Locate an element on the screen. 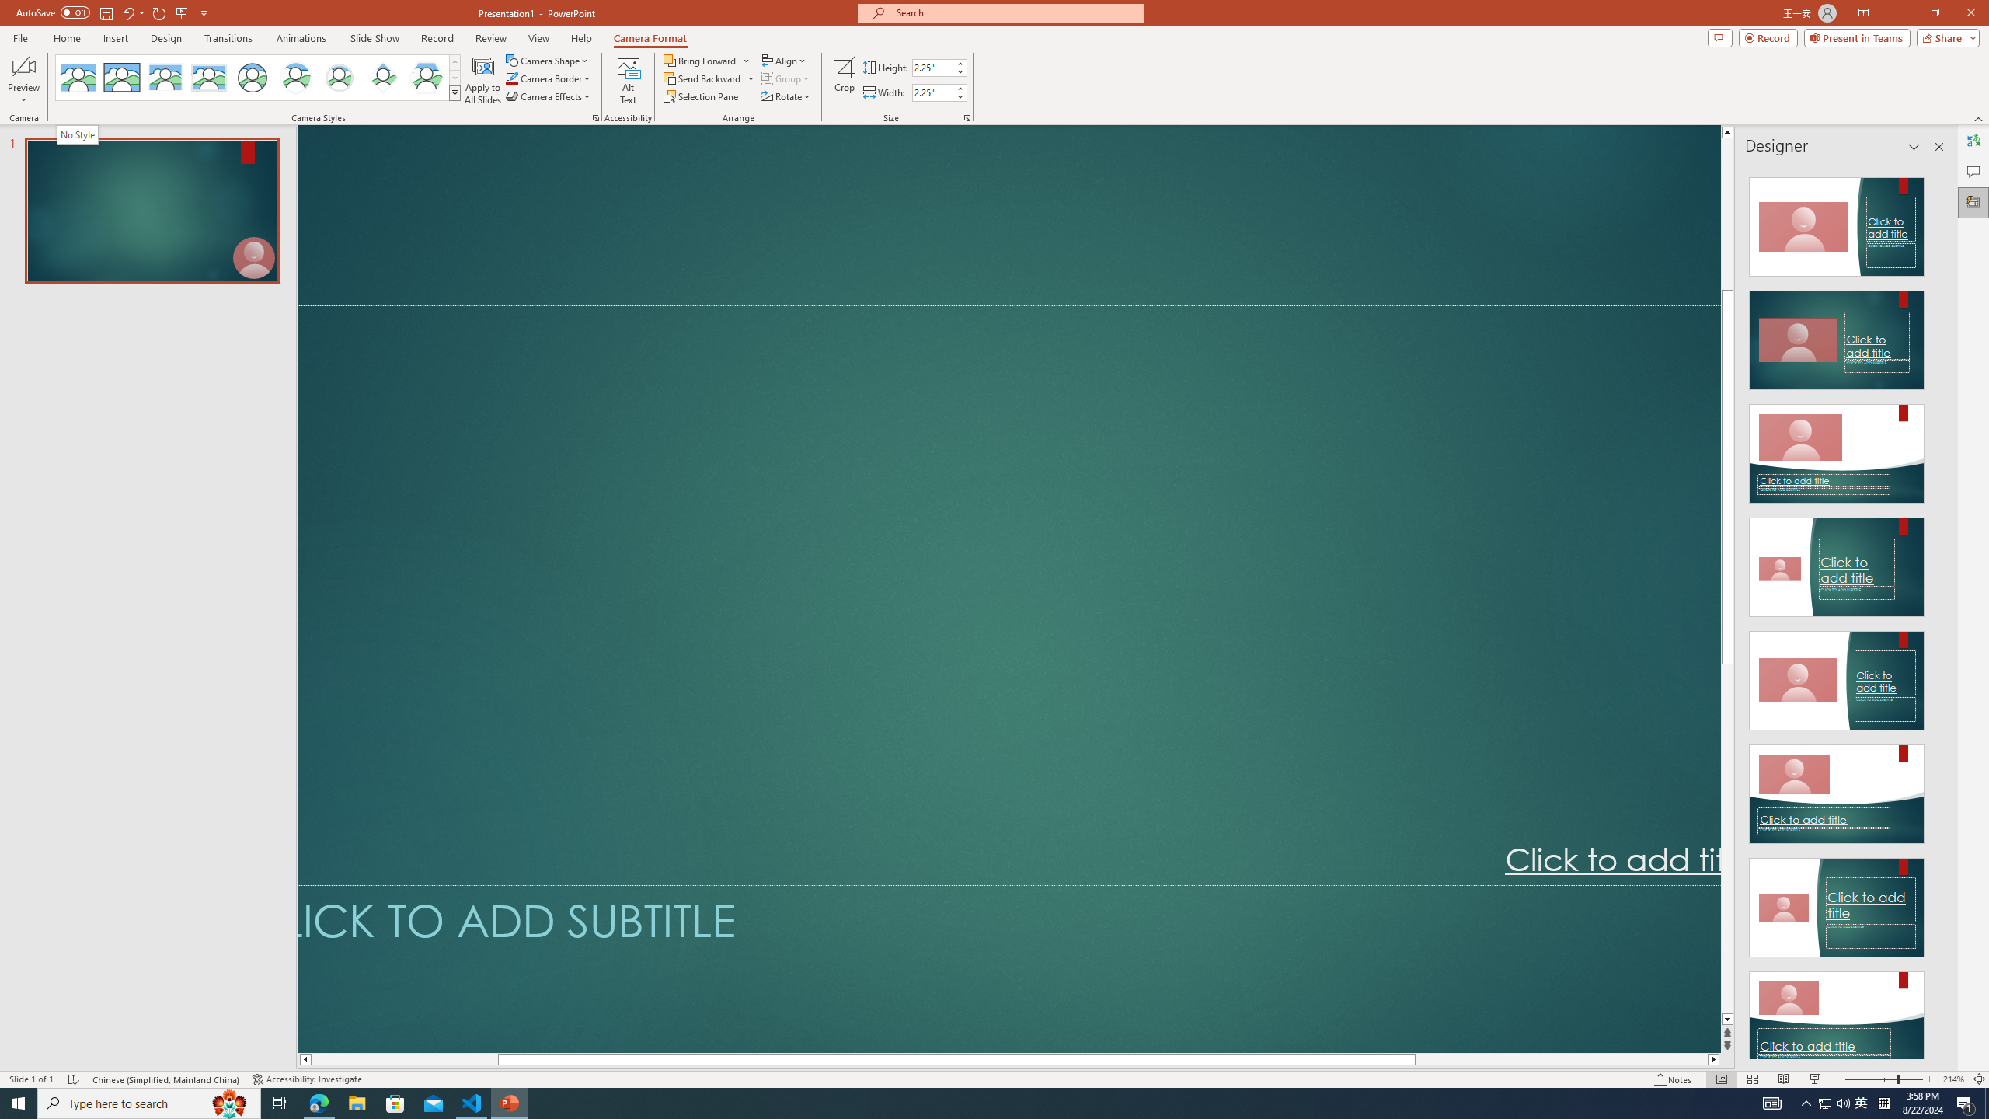 This screenshot has height=1119, width=1989. 'Bring Forward' is located at coordinates (700, 60).